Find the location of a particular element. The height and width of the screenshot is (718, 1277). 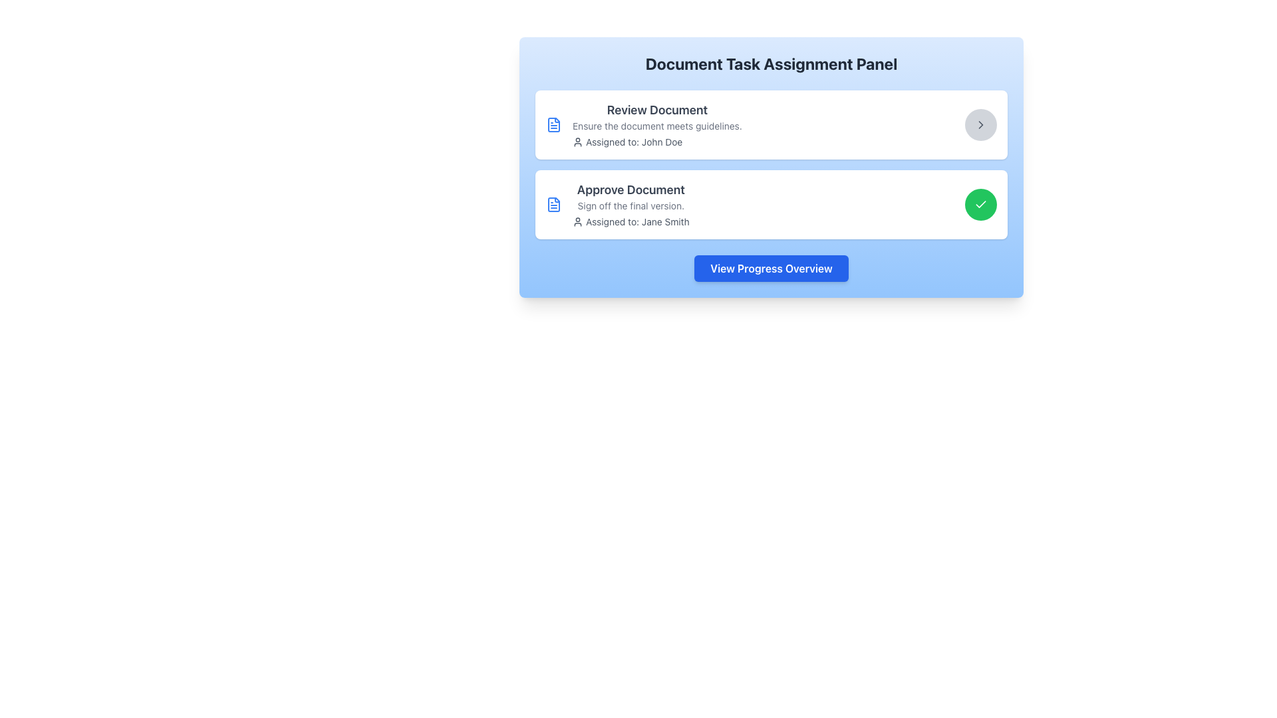

the button located to the far right within the 'Review Document' group in the upper section of the task assignment panel is located at coordinates (980, 125).